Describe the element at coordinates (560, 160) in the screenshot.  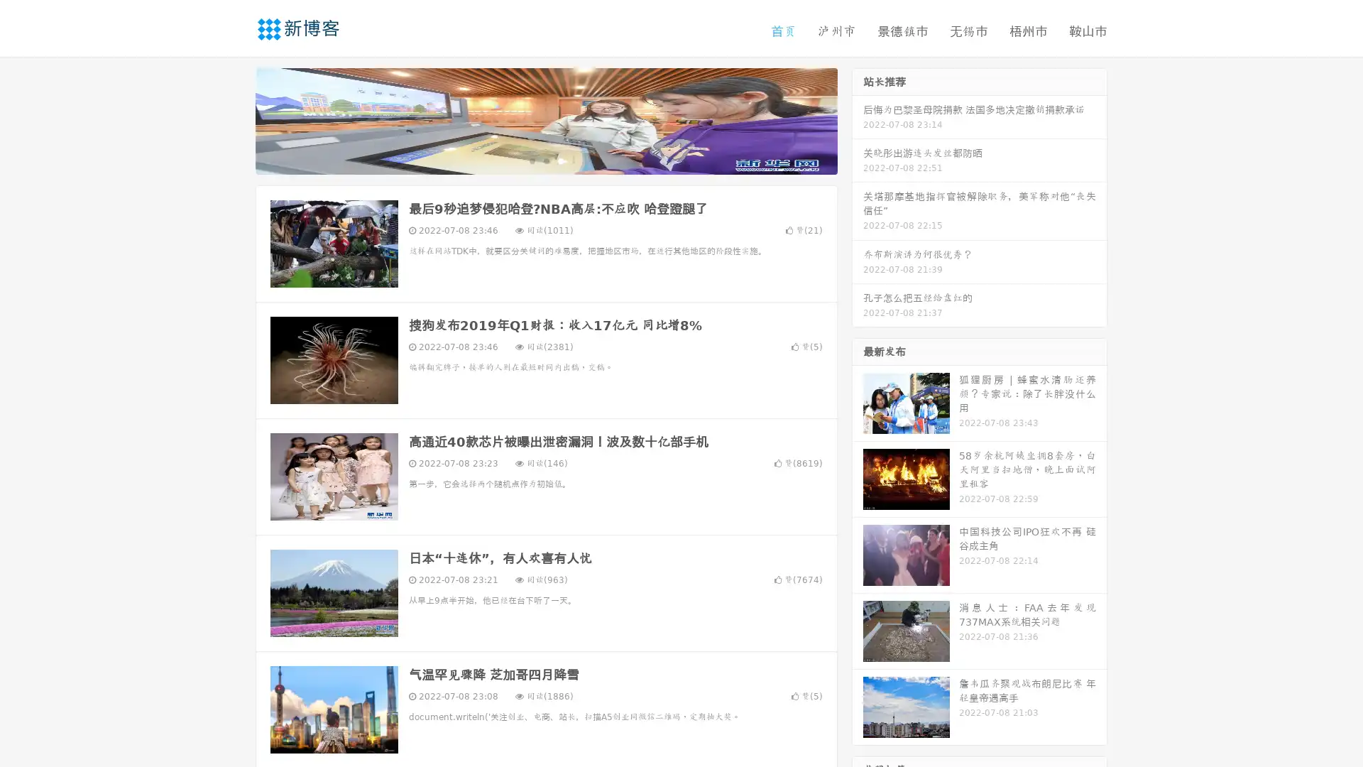
I see `Go to slide 3` at that location.